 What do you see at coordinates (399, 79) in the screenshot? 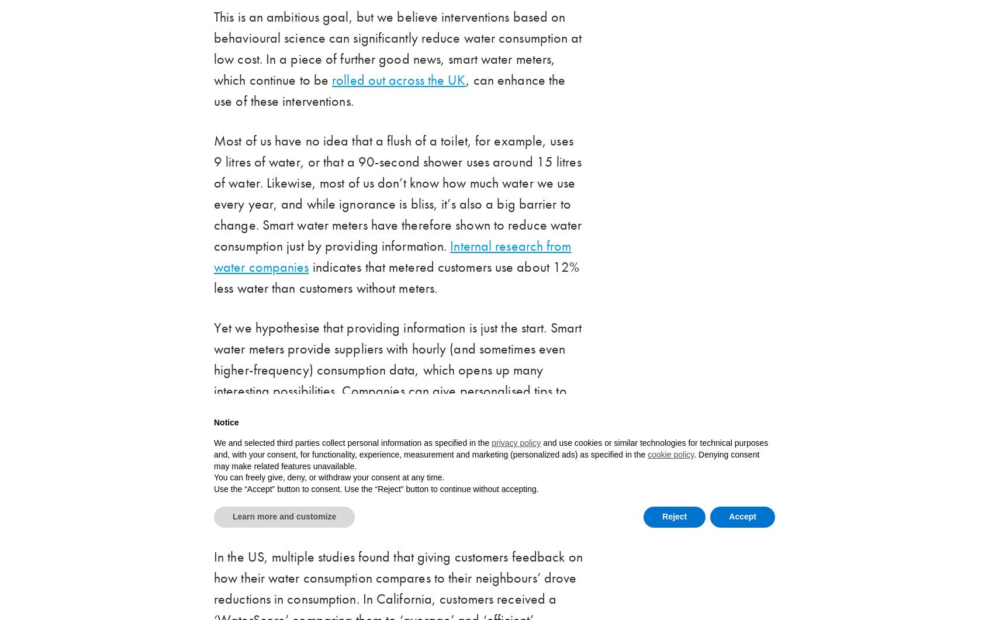
I see `'rolled out across the UK'` at bounding box center [399, 79].